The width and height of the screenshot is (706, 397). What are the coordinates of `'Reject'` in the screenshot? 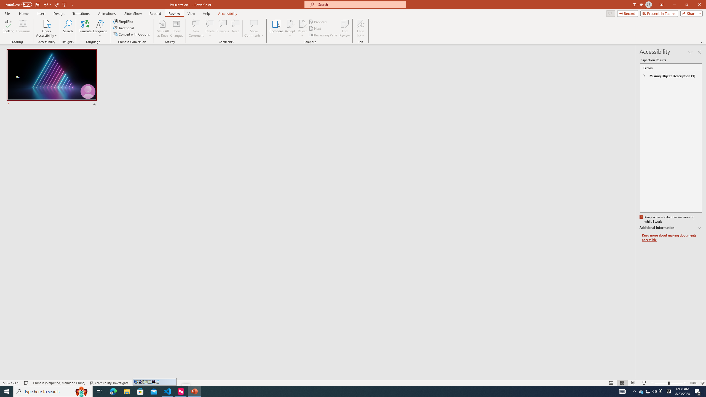 It's located at (302, 28).